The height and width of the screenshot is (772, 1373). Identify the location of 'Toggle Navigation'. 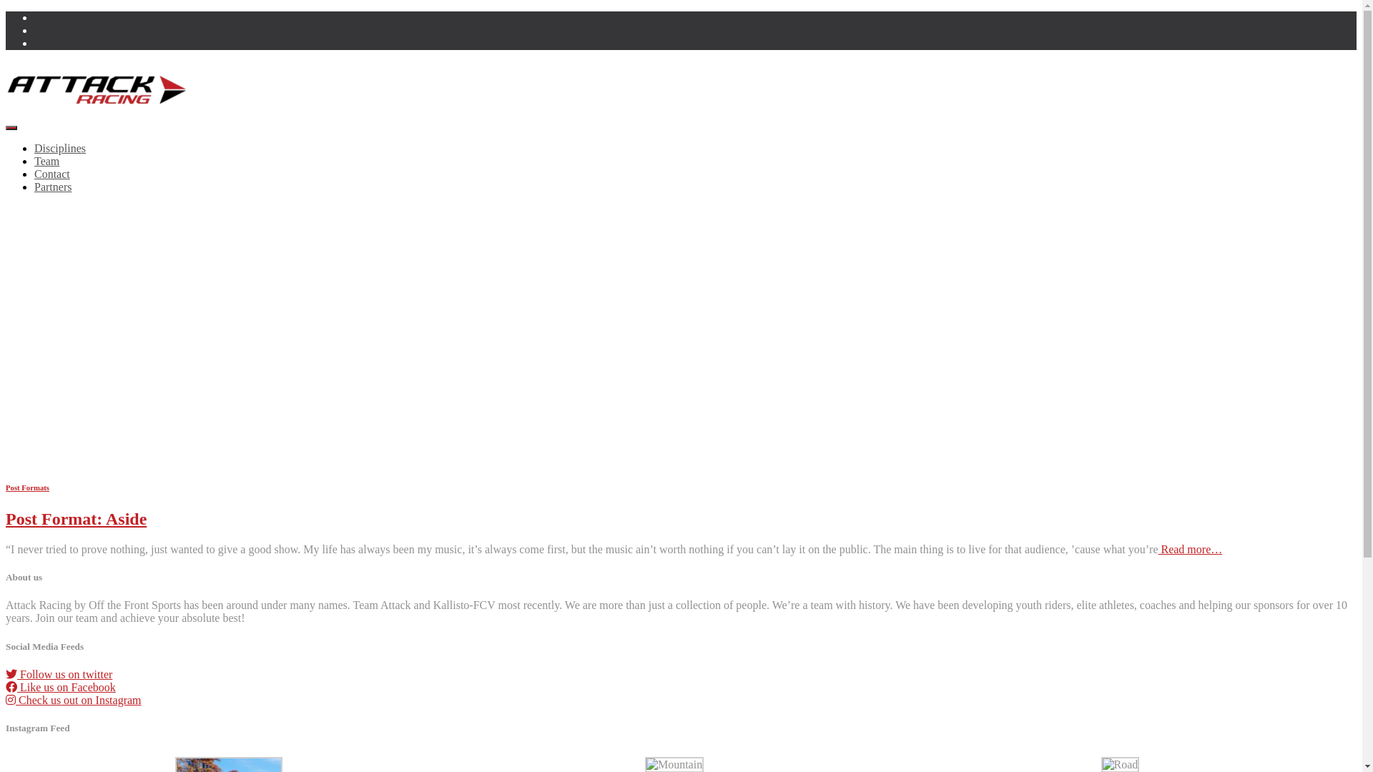
(6, 127).